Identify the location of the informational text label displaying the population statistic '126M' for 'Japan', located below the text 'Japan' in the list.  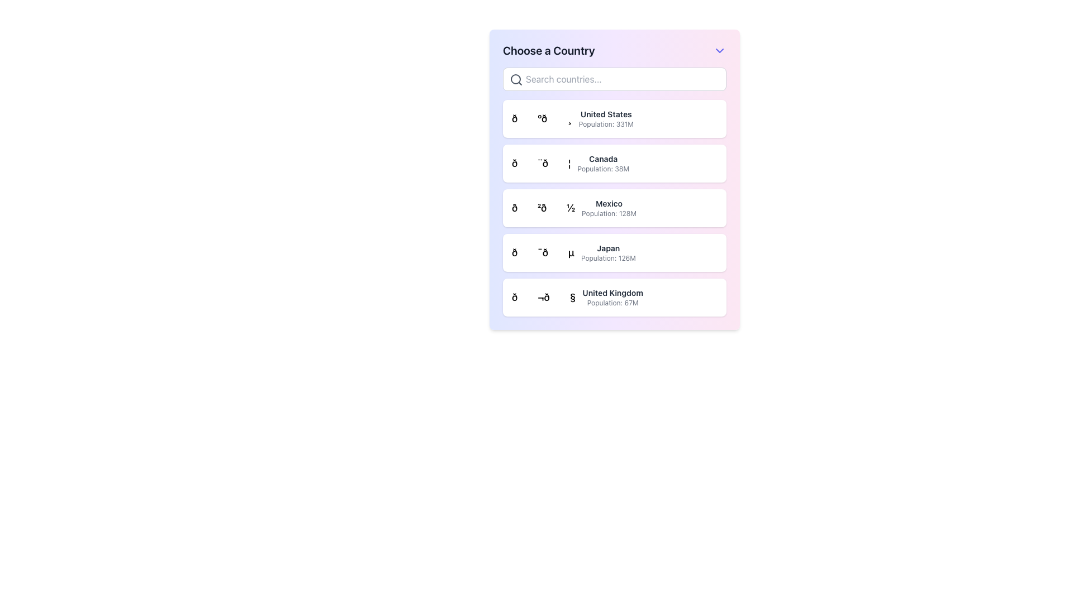
(607, 258).